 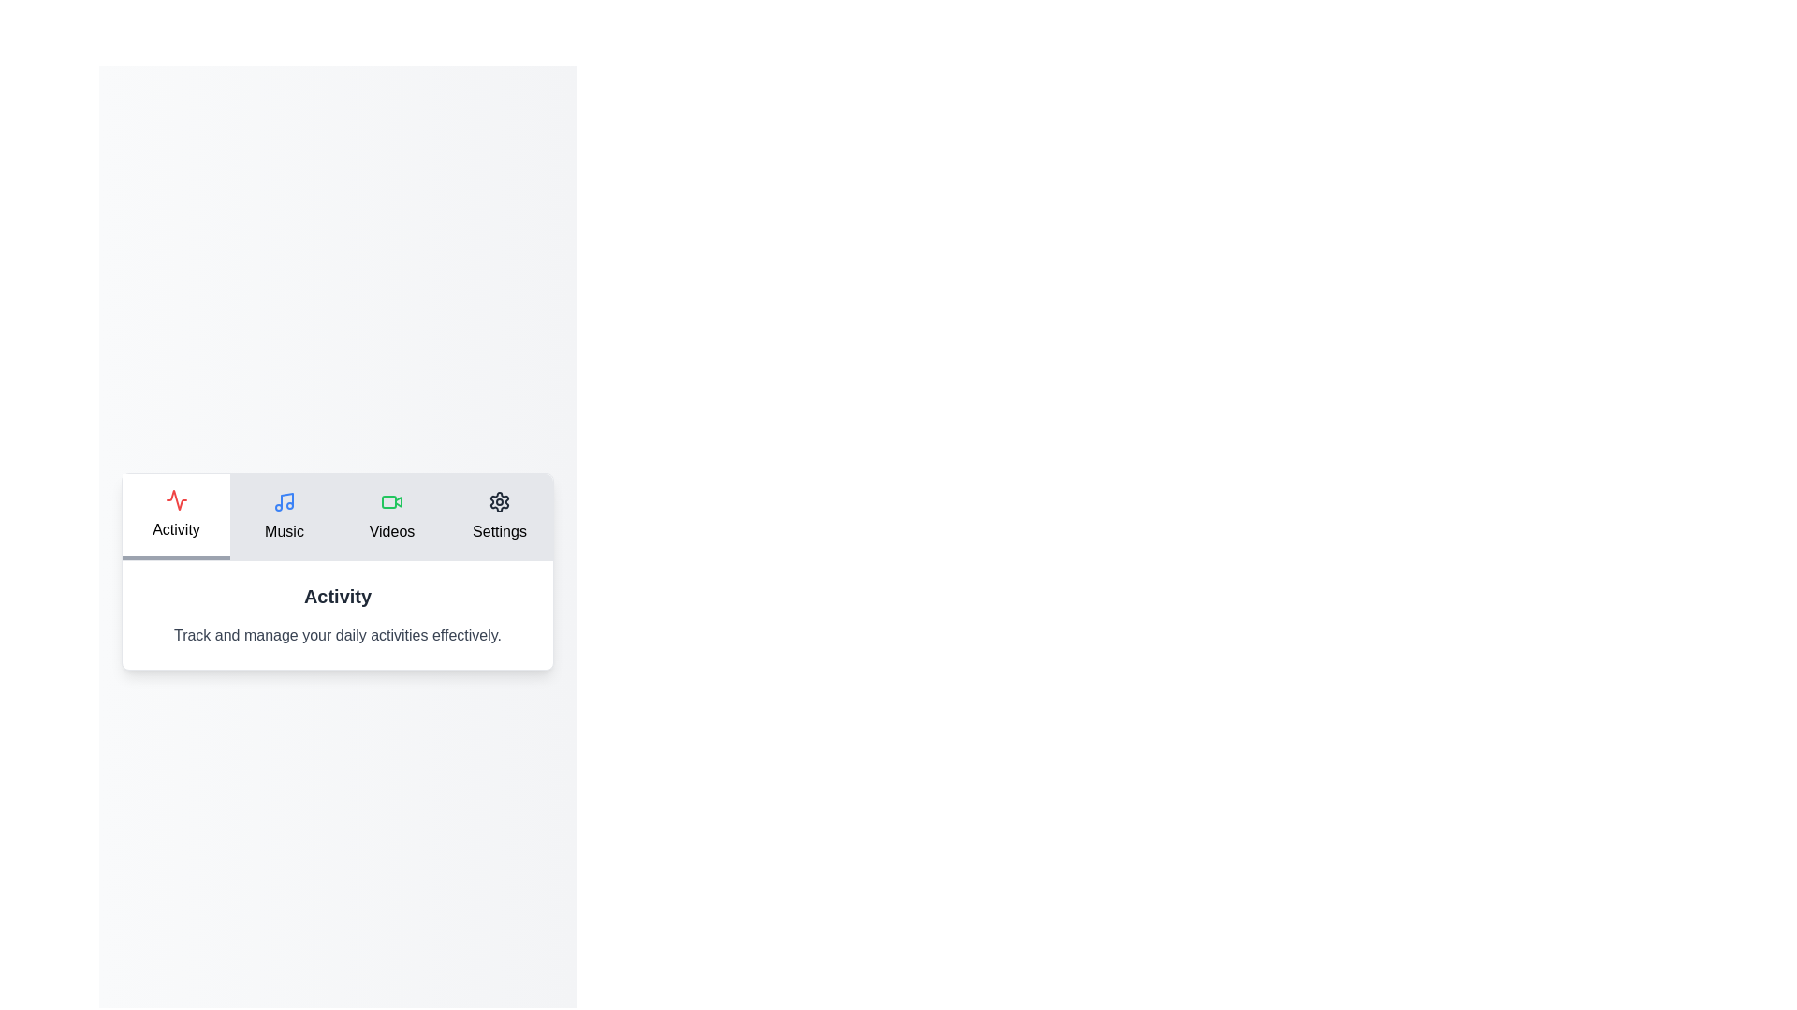 I want to click on the tab Activity to display its associated content, so click(x=176, y=516).